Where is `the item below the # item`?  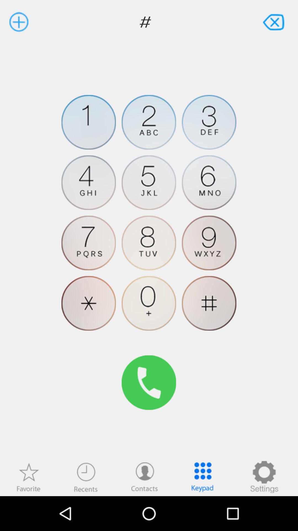
the item below the # item is located at coordinates (88, 122).